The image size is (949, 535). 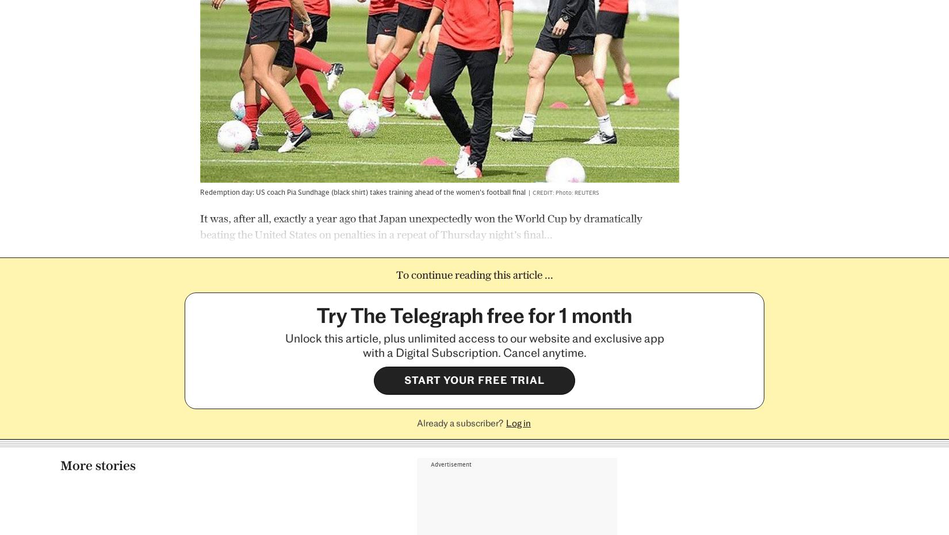 What do you see at coordinates (237, 447) in the screenshot?
I see `'Josh Burrows'` at bounding box center [237, 447].